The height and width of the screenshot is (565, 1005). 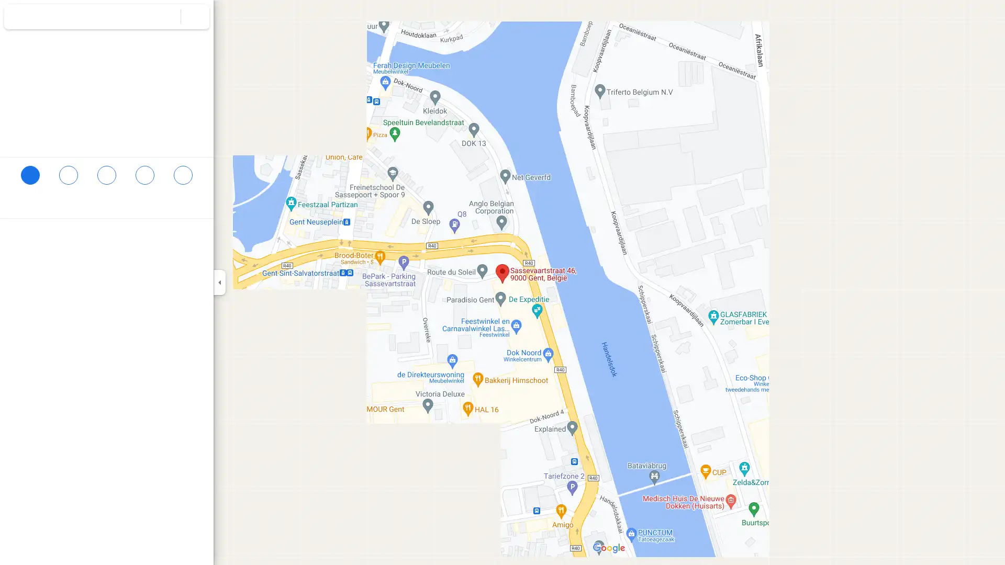 I want to click on Route naar Sassevaartstraat 46, so click(x=30, y=179).